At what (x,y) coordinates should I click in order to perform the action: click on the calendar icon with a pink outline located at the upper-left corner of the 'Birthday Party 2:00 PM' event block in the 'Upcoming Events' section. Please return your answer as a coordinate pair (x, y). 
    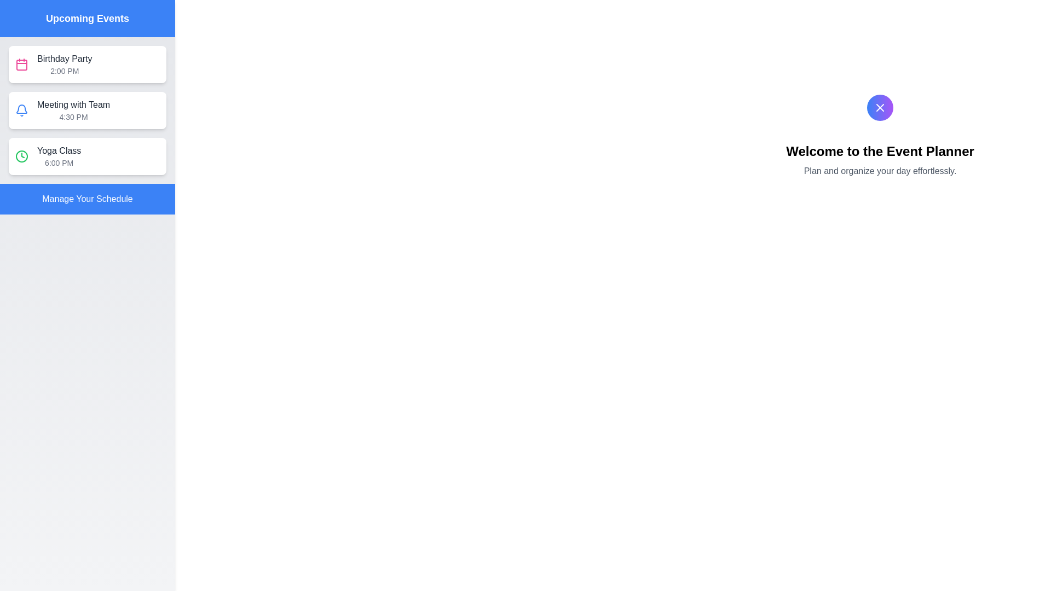
    Looking at the image, I should click on (21, 65).